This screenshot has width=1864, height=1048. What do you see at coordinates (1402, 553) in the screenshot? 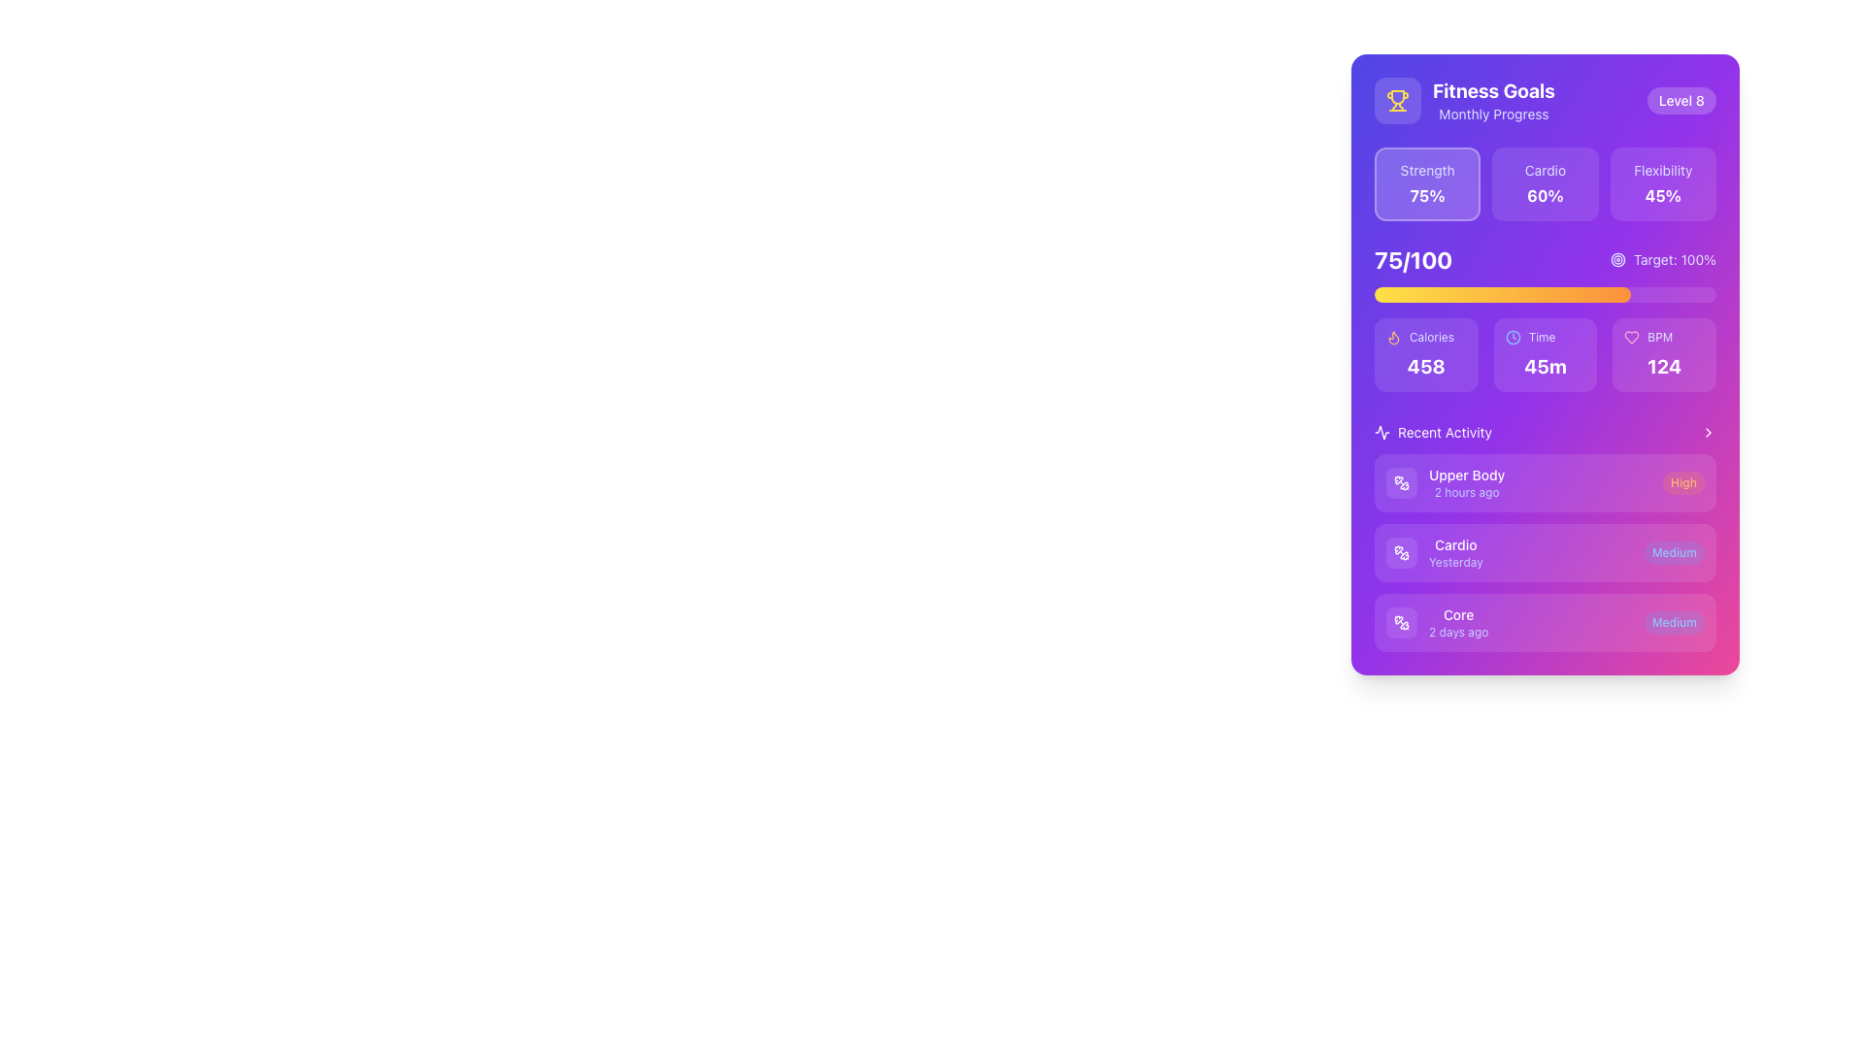
I see `icon located to the left of the 'Cardio' text in the 'Recent Activity' section` at bounding box center [1402, 553].